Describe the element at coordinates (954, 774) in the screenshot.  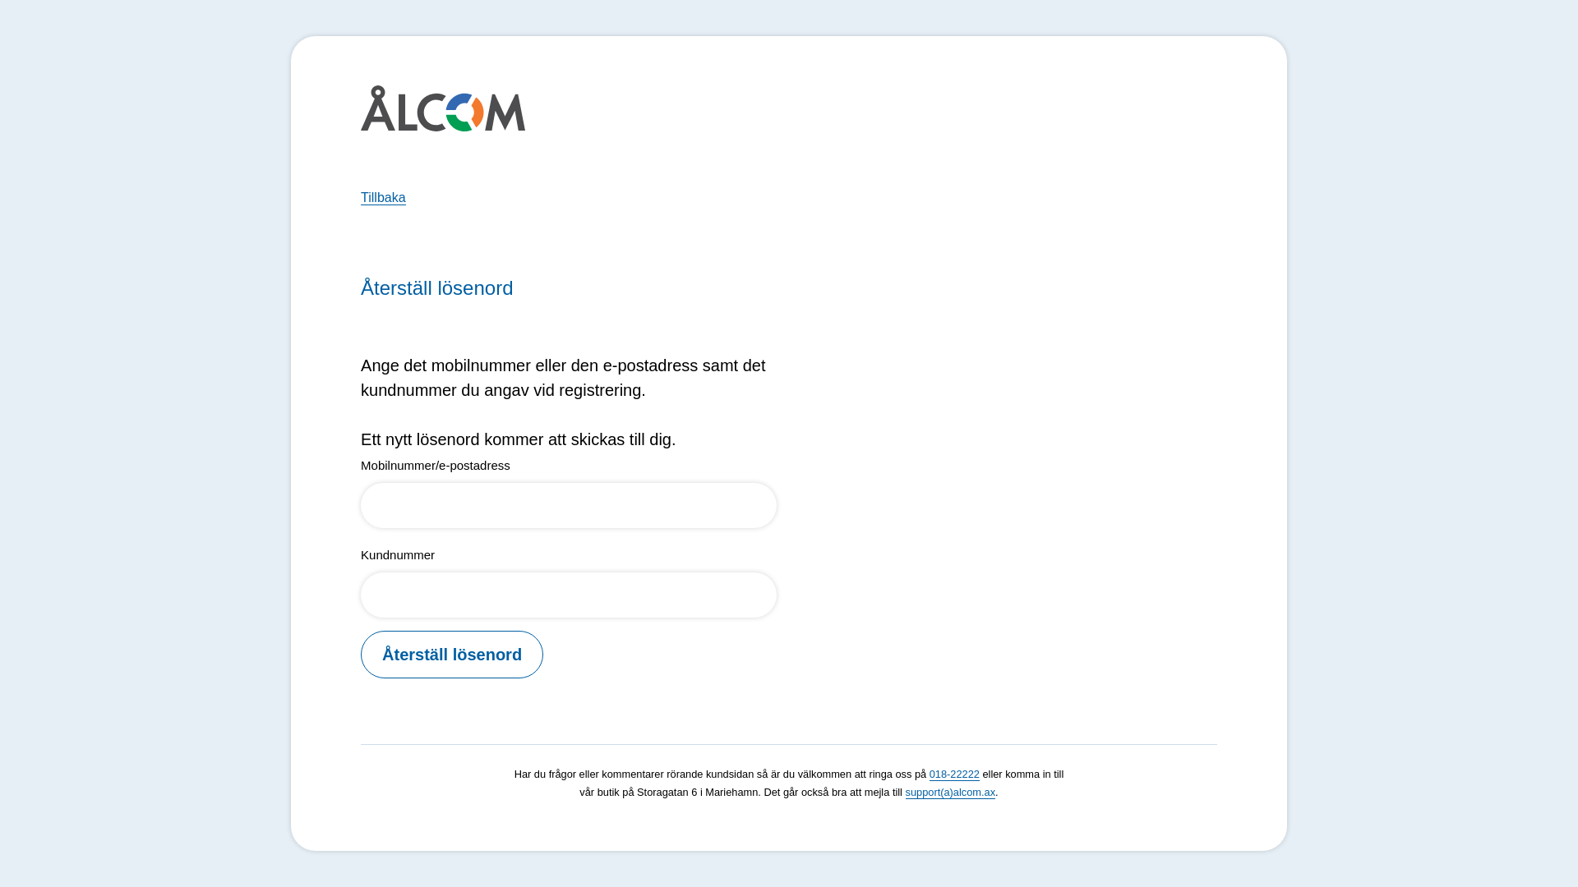
I see `'018-22222'` at that location.